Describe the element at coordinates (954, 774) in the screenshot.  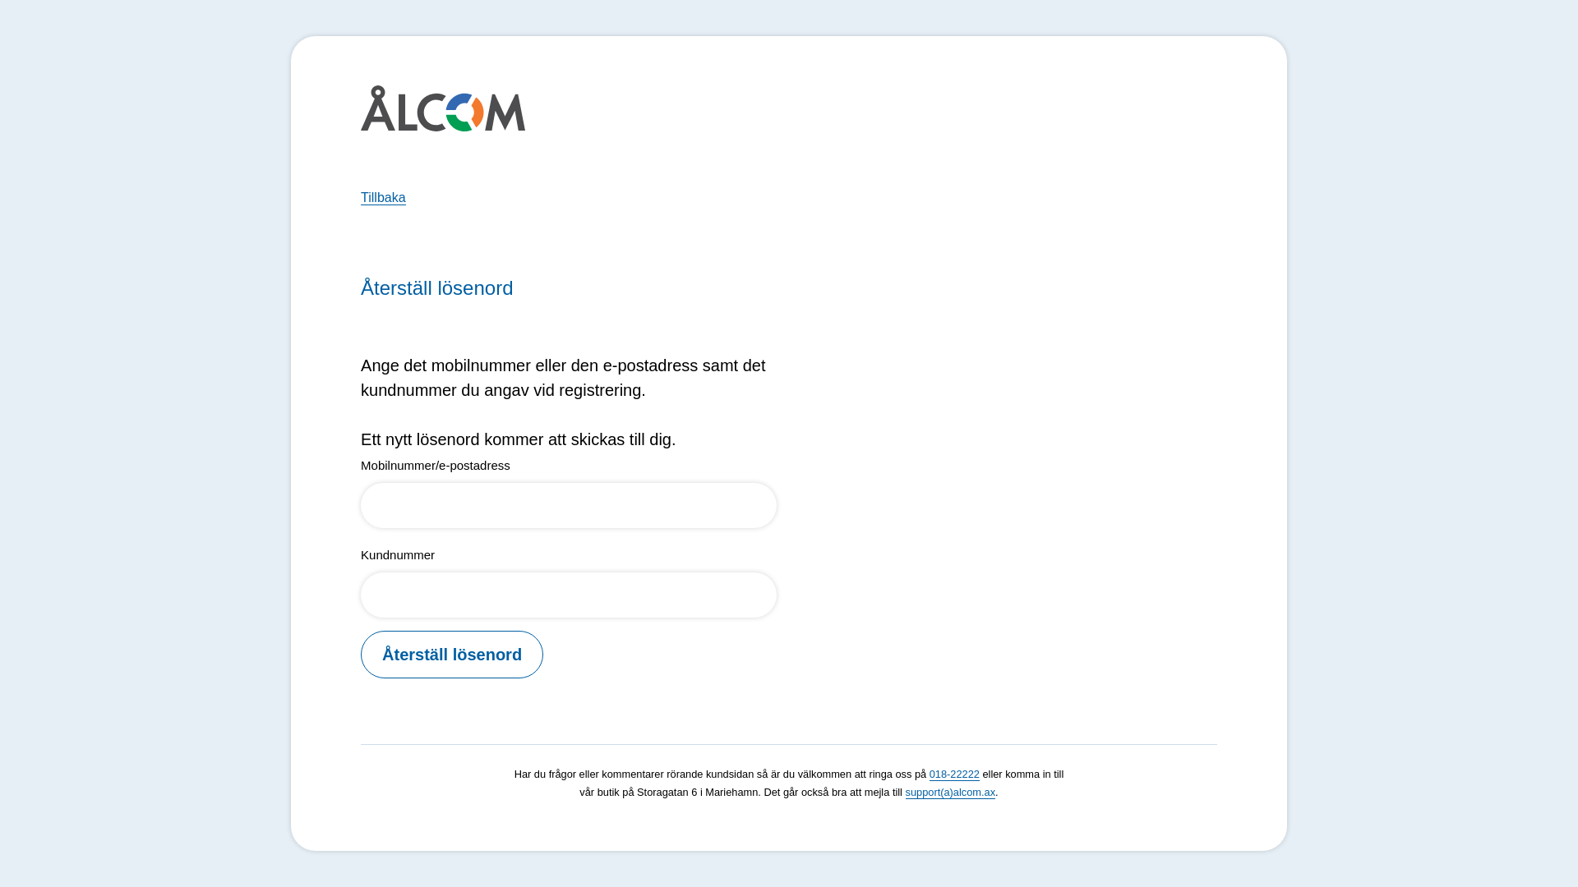
I see `'018-22222'` at that location.